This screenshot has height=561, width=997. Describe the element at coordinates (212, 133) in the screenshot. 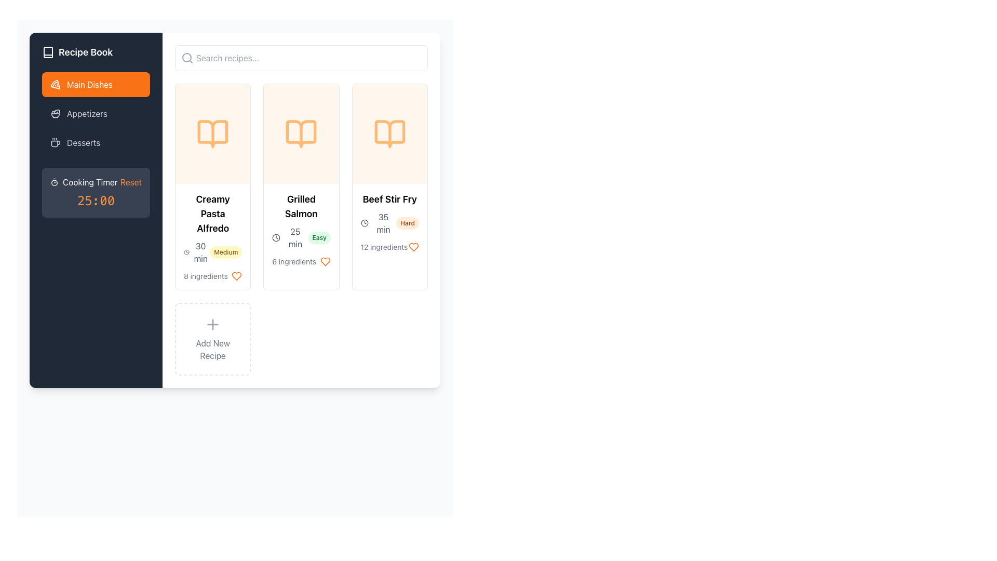

I see `the open book icon representing the recipe instructions for 'Creamy Pasta Alfredo' located in the first card of the recipe grid` at that location.